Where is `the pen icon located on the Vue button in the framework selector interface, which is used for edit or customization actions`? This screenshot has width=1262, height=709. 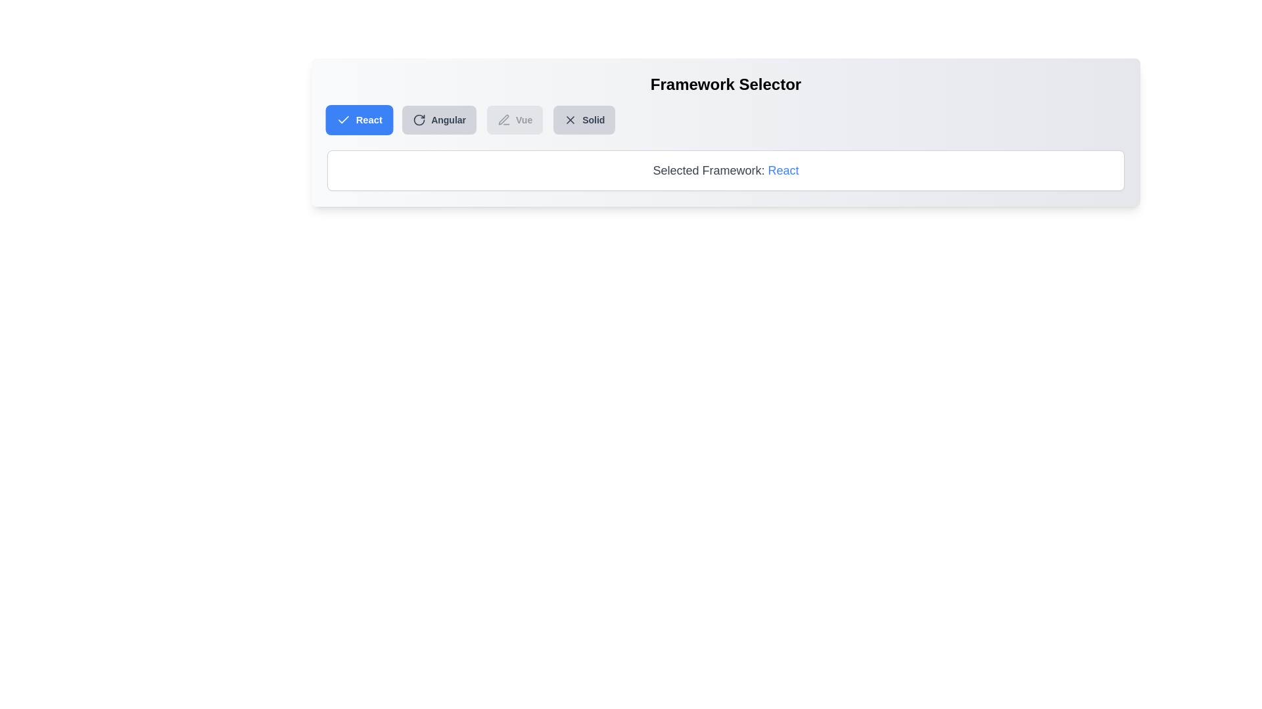
the pen icon located on the Vue button in the framework selector interface, which is used for edit or customization actions is located at coordinates (503, 119).